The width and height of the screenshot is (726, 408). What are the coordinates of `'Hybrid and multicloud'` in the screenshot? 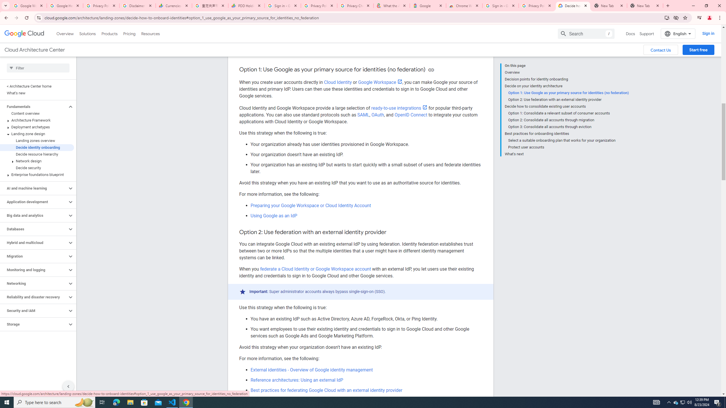 It's located at (33, 242).